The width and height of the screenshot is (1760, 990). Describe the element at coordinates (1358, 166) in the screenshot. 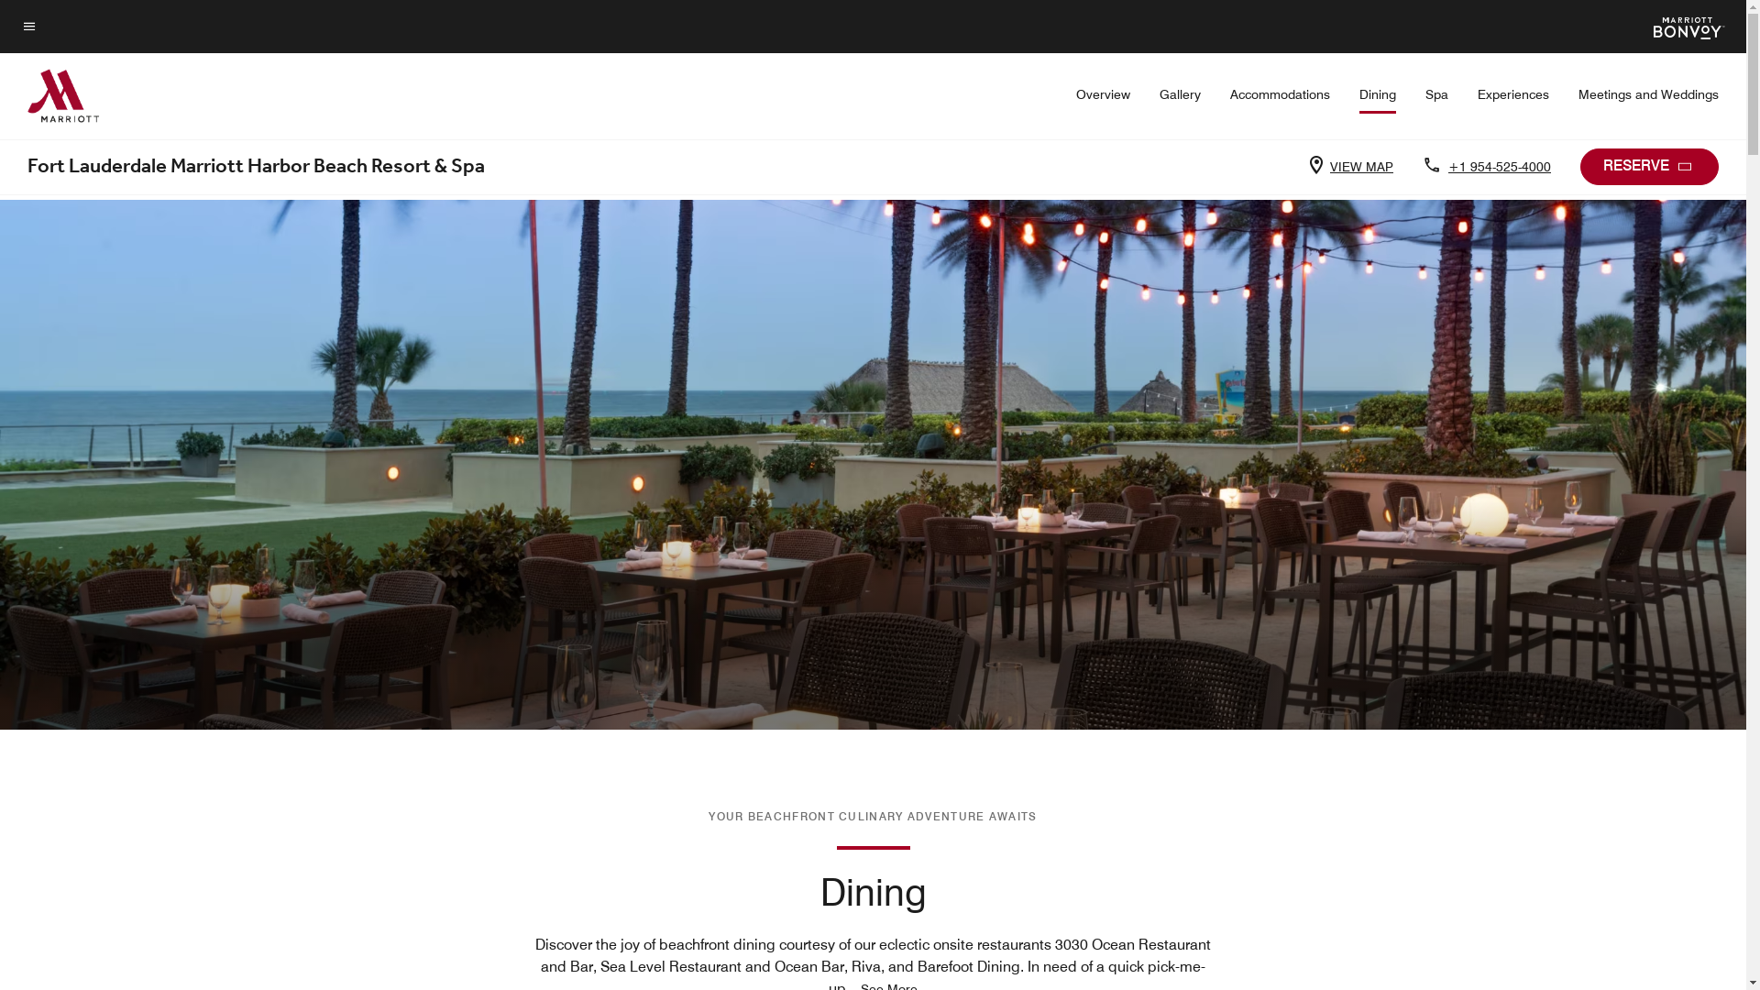

I see `'VIEW MAP'` at that location.